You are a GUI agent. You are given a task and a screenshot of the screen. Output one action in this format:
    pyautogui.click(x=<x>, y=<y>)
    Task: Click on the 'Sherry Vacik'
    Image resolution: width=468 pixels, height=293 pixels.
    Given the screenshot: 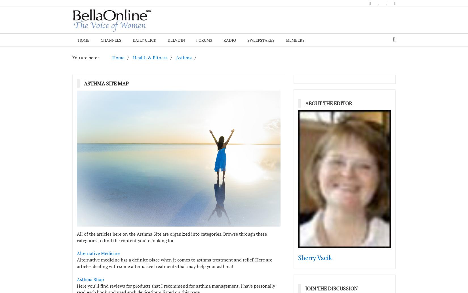 What is the action you would take?
    pyautogui.click(x=298, y=257)
    